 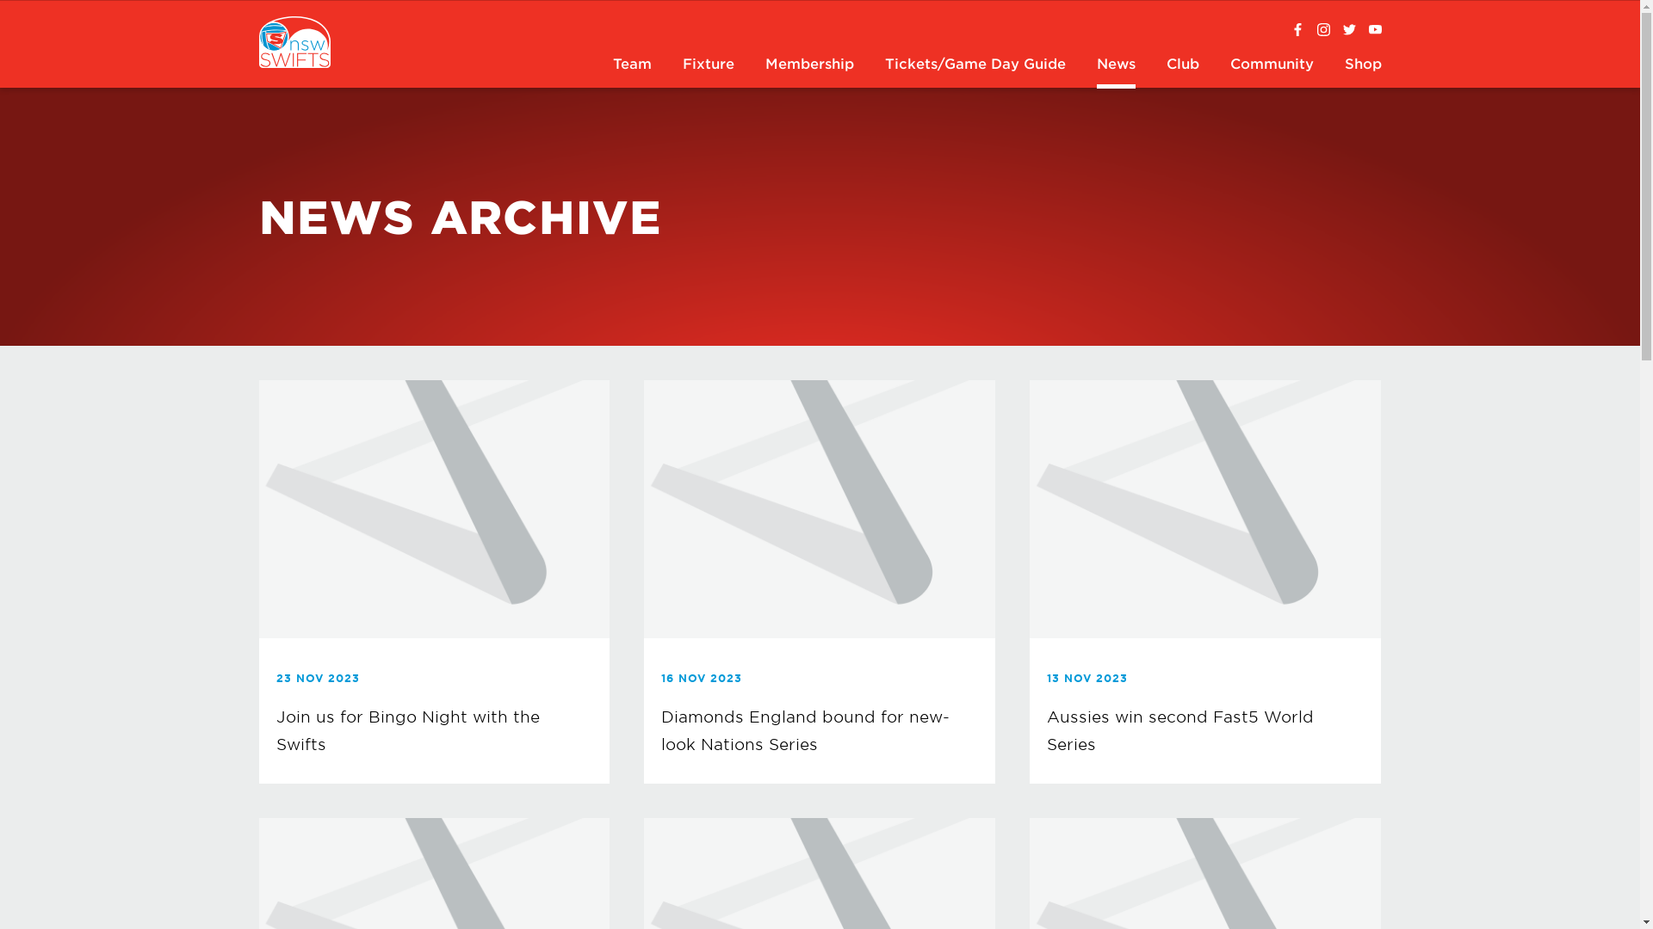 I want to click on 'Membership', so click(x=808, y=65).